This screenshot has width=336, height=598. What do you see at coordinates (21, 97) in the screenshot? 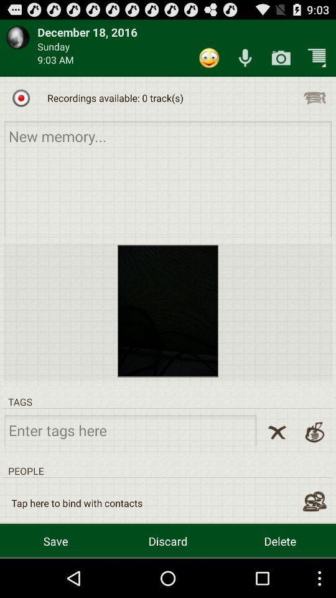
I see `the icon next to recordings available 0 icon` at bounding box center [21, 97].